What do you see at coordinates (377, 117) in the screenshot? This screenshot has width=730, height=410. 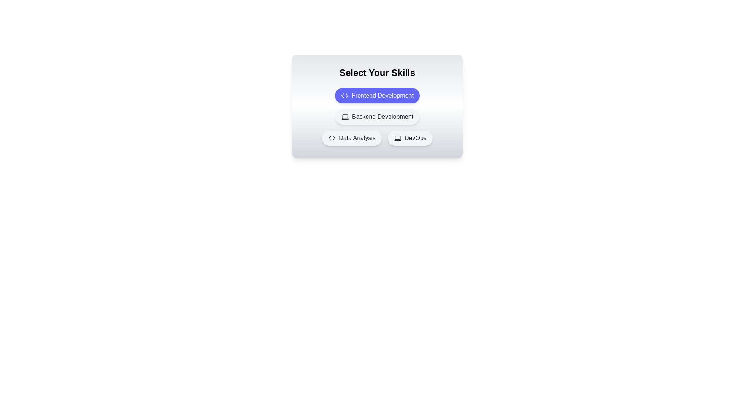 I see `the skill chip labeled 'Backend Development' to toggle its selection state` at bounding box center [377, 117].